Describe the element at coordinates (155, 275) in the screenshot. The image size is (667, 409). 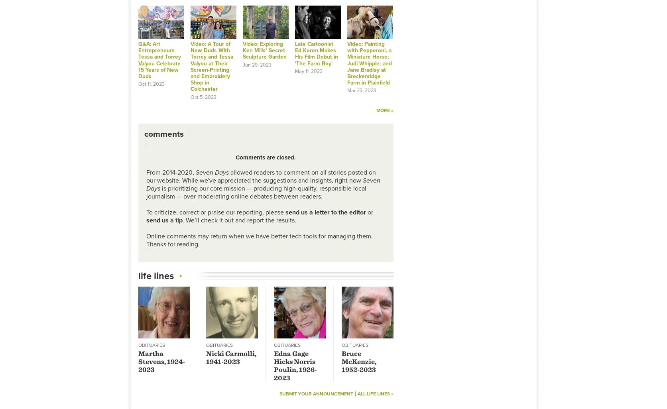
I see `'Life Lines'` at that location.